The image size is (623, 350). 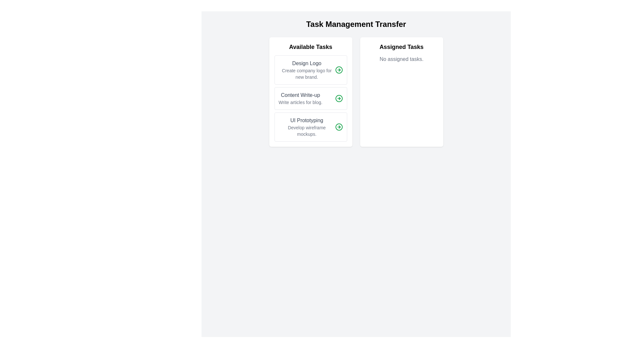 What do you see at coordinates (338, 70) in the screenshot?
I see `the circular icon with a green outline and rightward-pointing arrow` at bounding box center [338, 70].